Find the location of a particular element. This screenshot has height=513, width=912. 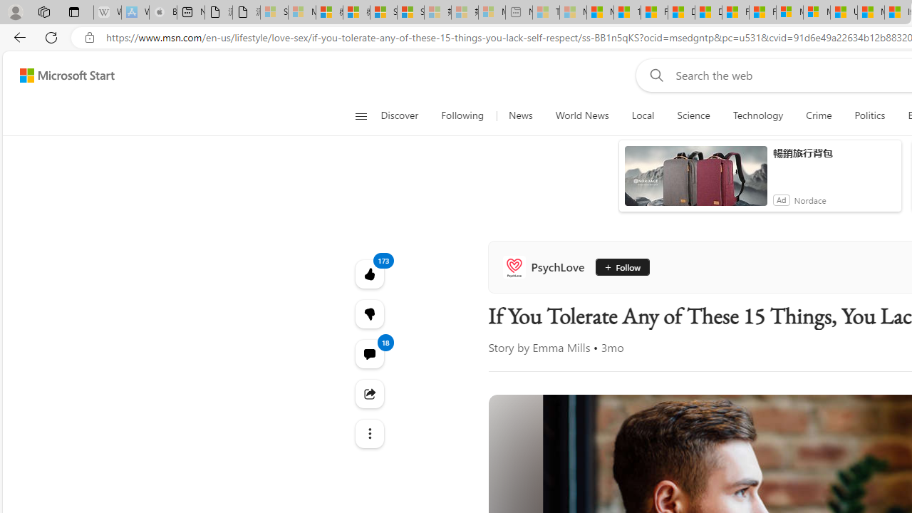

'Share this story' is located at coordinates (369, 393).